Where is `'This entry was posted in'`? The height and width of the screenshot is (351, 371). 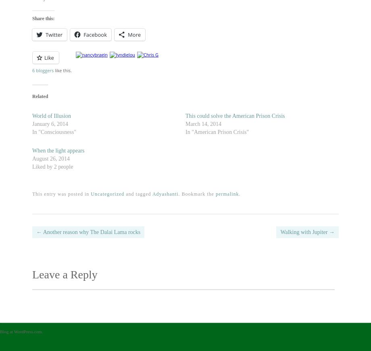 'This entry was posted in' is located at coordinates (61, 193).